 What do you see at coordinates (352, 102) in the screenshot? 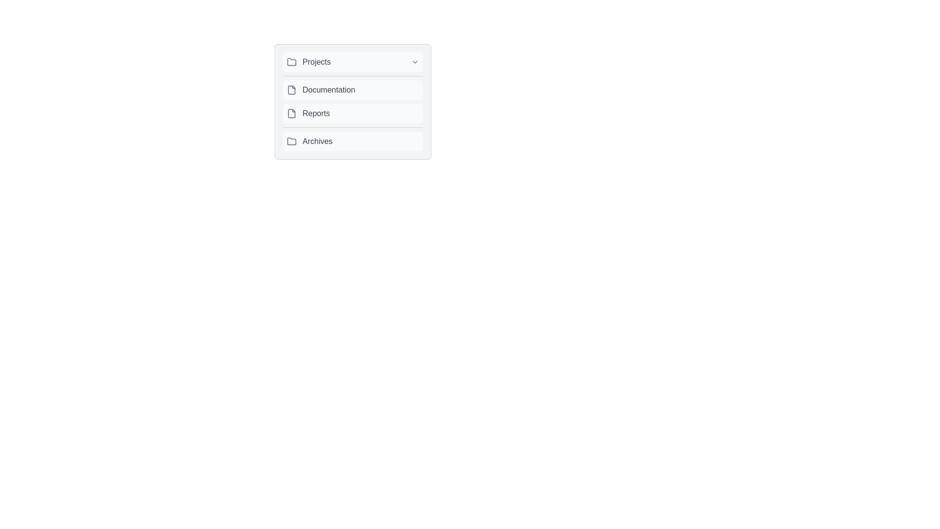
I see `the 'Documentation' button located below the 'Projects' area` at bounding box center [352, 102].